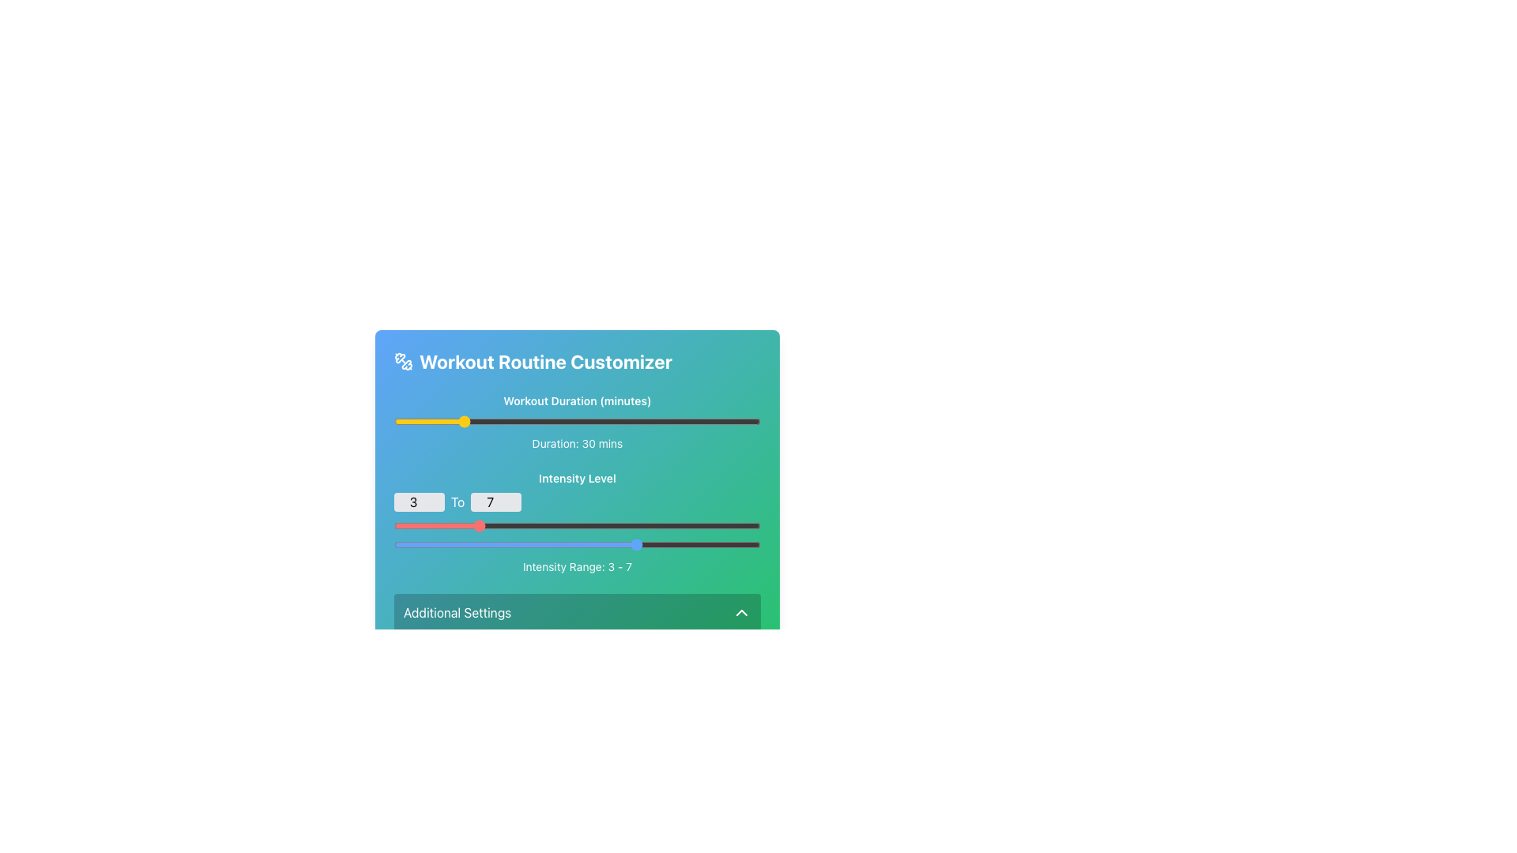  Describe the element at coordinates (576, 477) in the screenshot. I see `the 'Intensity Level' text label, which is a bold, small-sized font element located within a card layout and positioned above the range selection elements` at that location.